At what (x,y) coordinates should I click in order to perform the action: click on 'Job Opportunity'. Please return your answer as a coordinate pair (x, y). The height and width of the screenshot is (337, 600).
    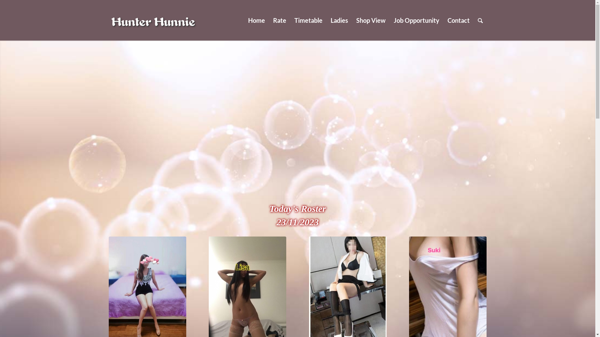
    Looking at the image, I should click on (416, 20).